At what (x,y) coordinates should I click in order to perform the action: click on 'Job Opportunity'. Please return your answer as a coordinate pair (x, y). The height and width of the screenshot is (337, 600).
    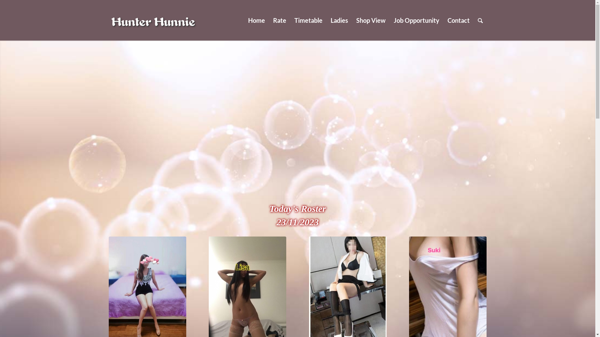
    Looking at the image, I should click on (416, 20).